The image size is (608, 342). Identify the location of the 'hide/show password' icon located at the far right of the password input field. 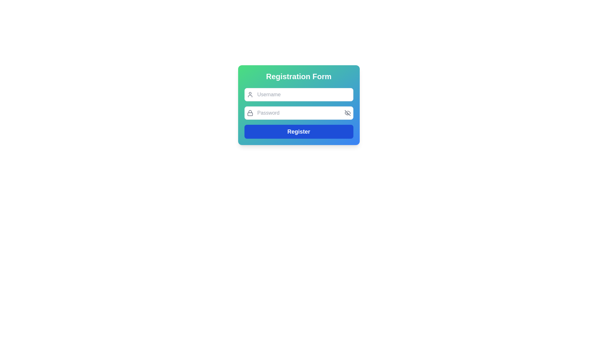
(347, 113).